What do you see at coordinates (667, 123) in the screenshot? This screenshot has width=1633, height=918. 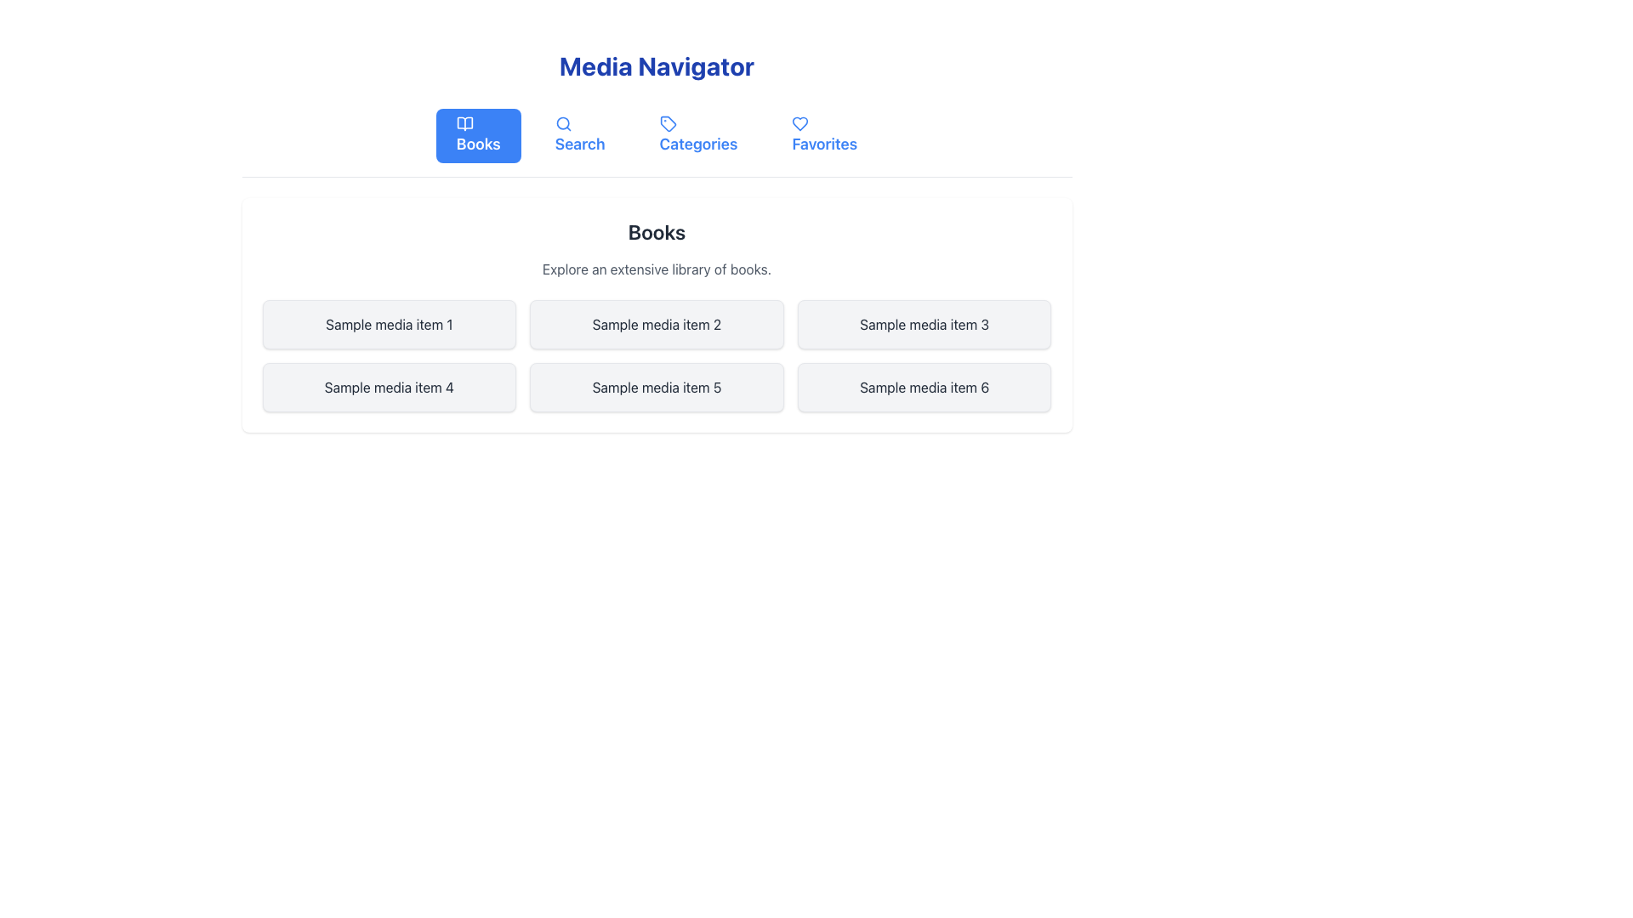 I see `the 'Categories' button in the navigation bar, which is visually represented by an icon located between the 'Search' and 'Favorites' buttons` at bounding box center [667, 123].